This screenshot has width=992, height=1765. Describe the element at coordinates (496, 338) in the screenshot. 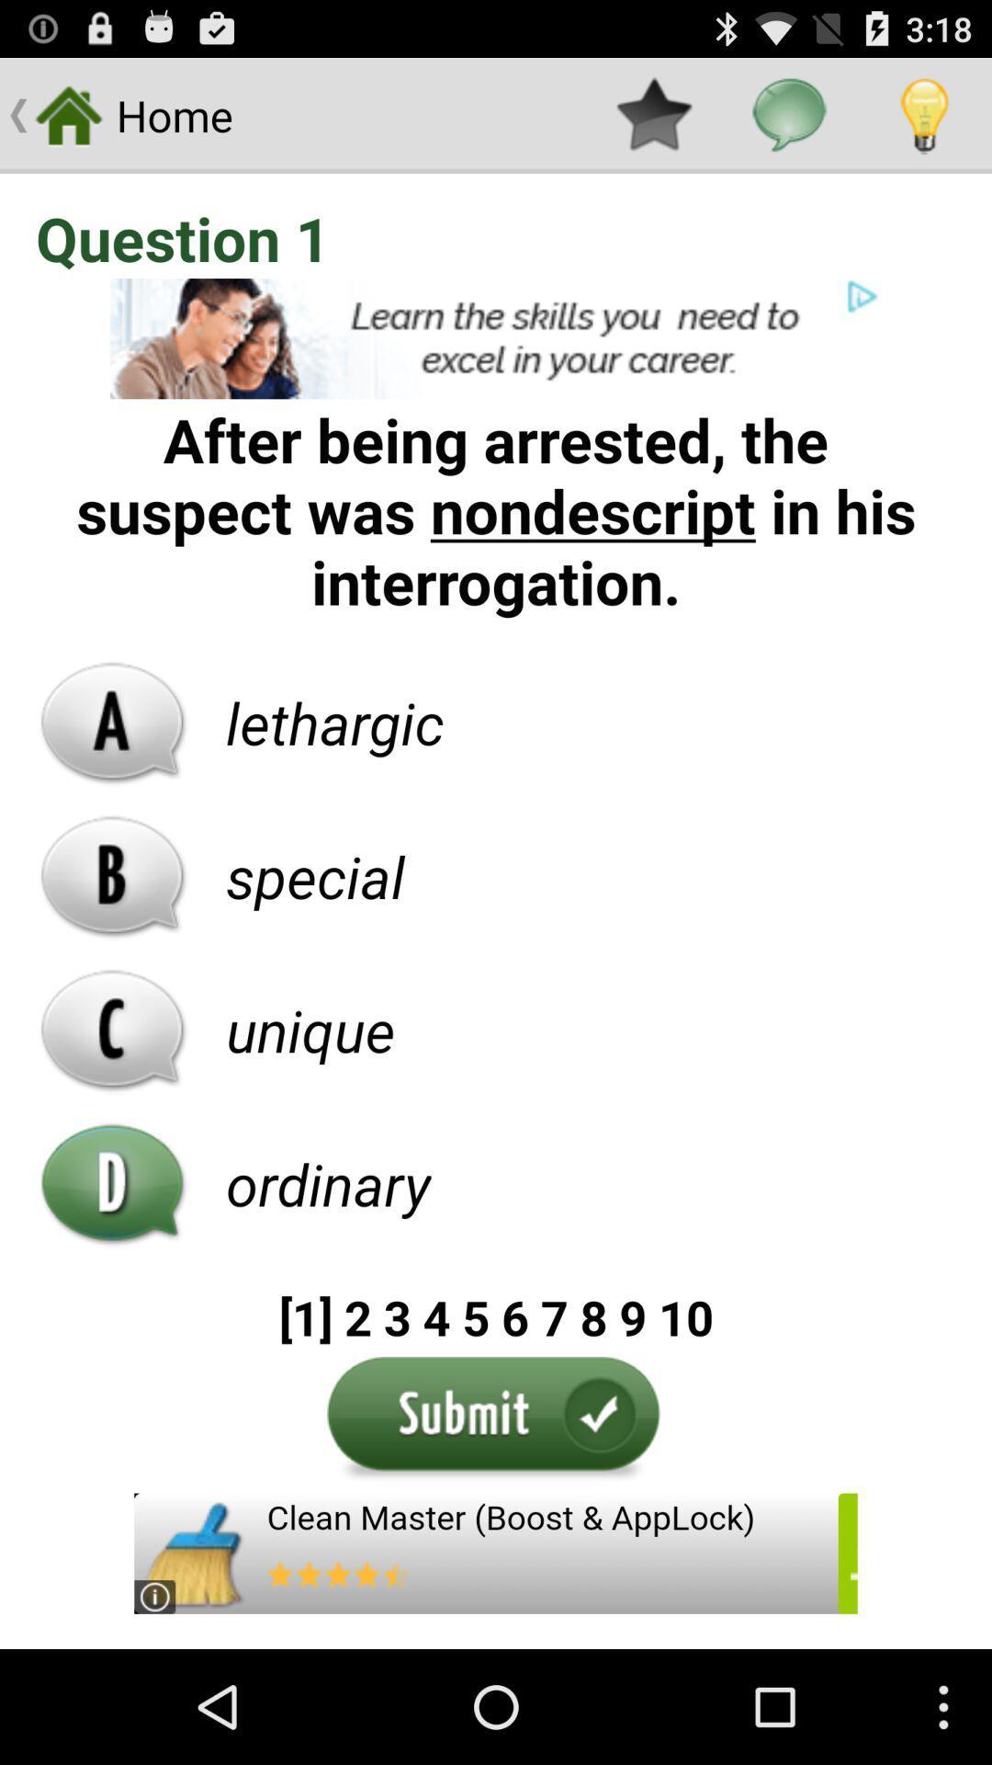

I see `advertisement` at that location.